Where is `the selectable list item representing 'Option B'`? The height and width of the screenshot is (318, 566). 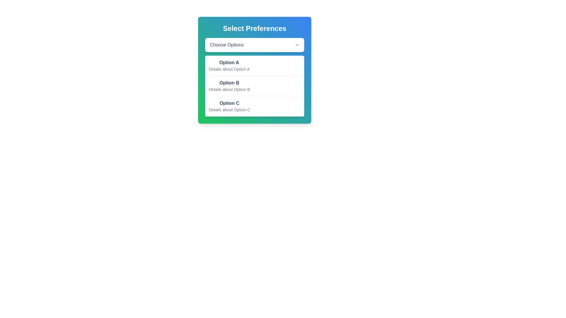 the selectable list item representing 'Option B' is located at coordinates (255, 86).